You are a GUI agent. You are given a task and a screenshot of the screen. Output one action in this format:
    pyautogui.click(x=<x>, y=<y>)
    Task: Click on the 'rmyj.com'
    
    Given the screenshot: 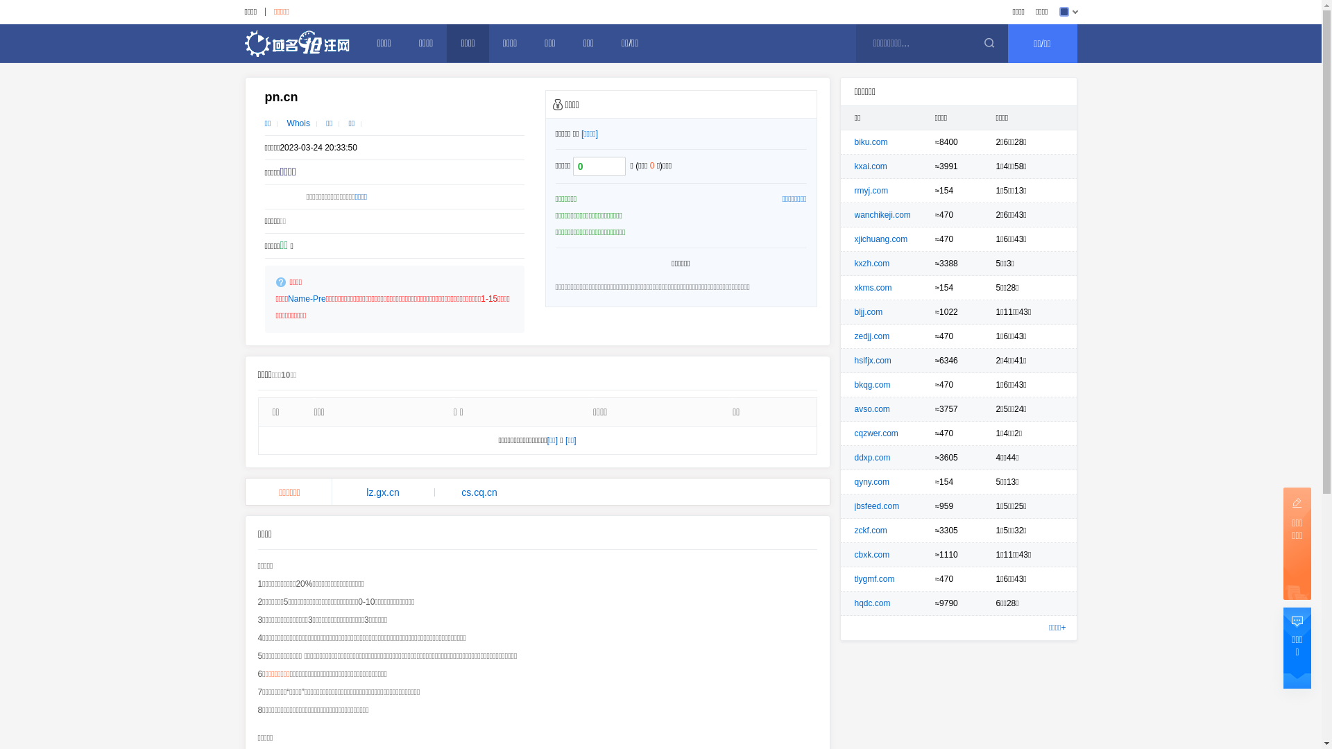 What is the action you would take?
    pyautogui.click(x=871, y=190)
    